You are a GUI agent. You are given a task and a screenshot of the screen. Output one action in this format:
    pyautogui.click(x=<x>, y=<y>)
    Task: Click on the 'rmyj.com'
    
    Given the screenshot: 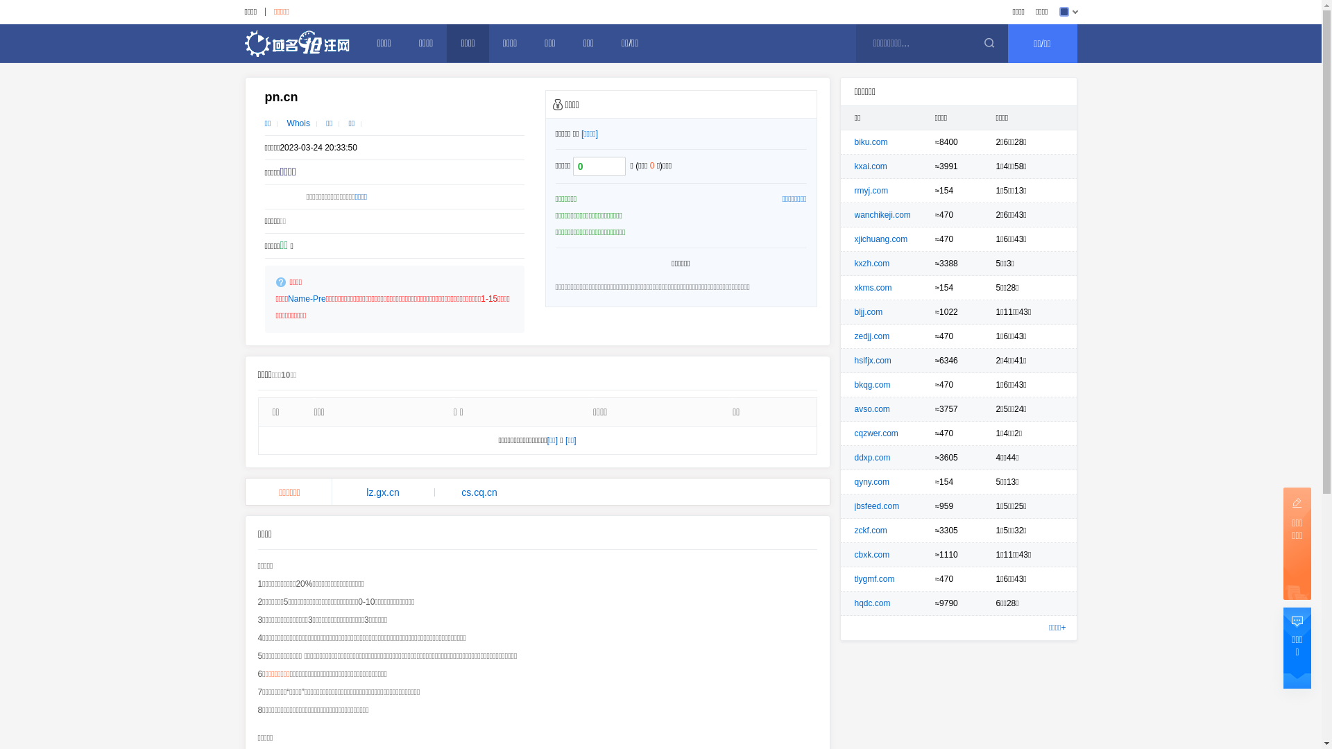 What is the action you would take?
    pyautogui.click(x=871, y=190)
    